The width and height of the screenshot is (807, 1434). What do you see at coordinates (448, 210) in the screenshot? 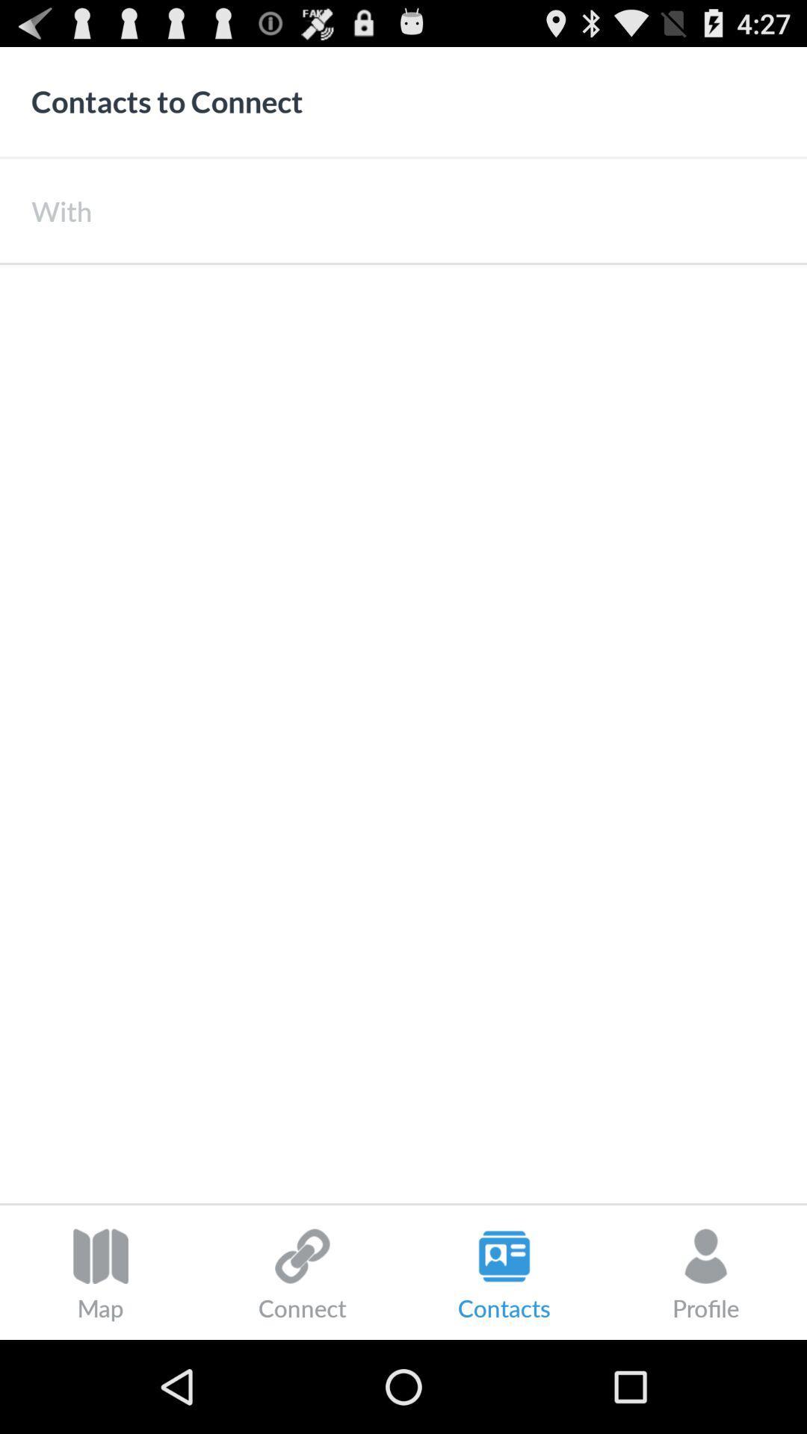
I see `the item to the right of with icon` at bounding box center [448, 210].